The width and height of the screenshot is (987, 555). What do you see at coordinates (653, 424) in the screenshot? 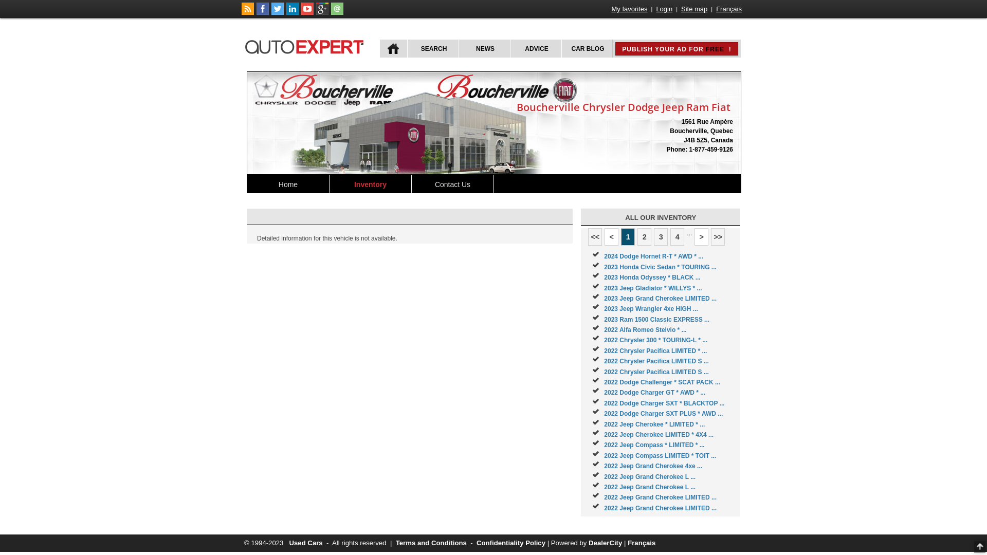
I see `'2022 Jeep Cherokee * LIMITED * ...'` at bounding box center [653, 424].